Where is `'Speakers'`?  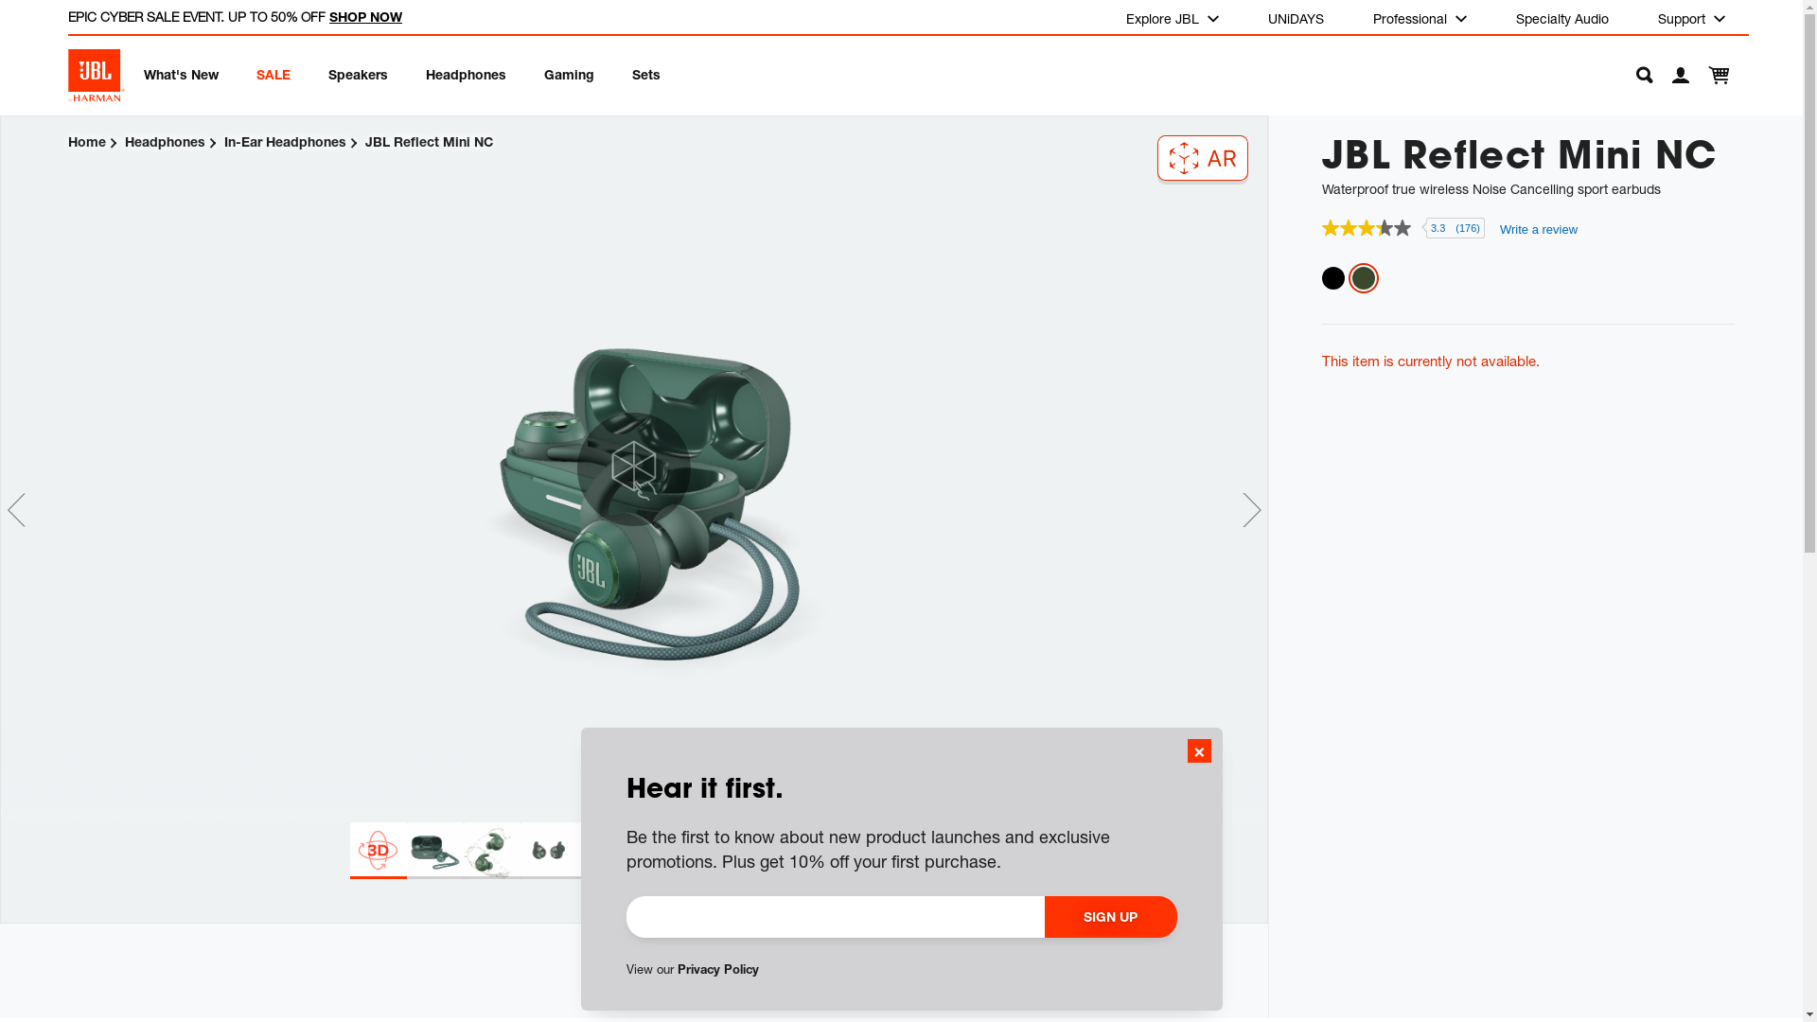 'Speakers' is located at coordinates (327, 72).